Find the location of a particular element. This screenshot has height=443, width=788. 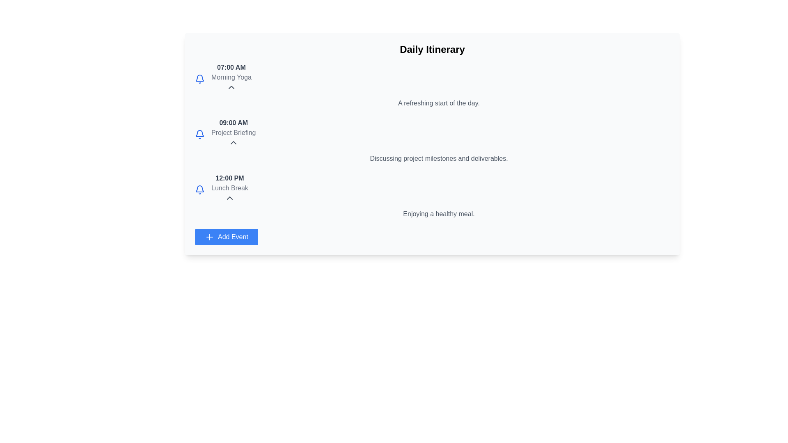

the blue bell-shaped icon located to the left of the '09:00 AM' time entry for 'Project Briefing' in the itinerary section is located at coordinates (199, 134).